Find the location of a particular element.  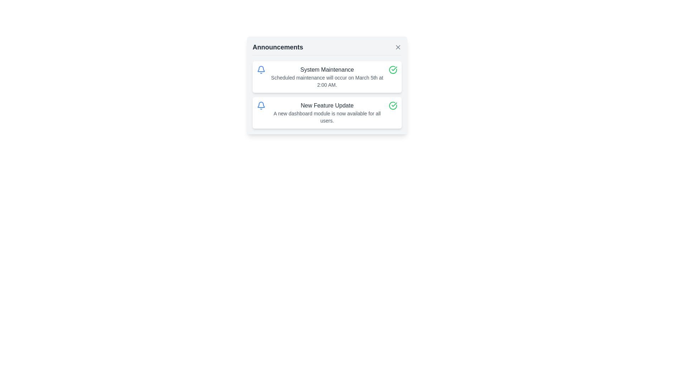

the small X-shaped button located in the top-right corner of the 'Announcements' header box to change its appearance is located at coordinates (397, 47).